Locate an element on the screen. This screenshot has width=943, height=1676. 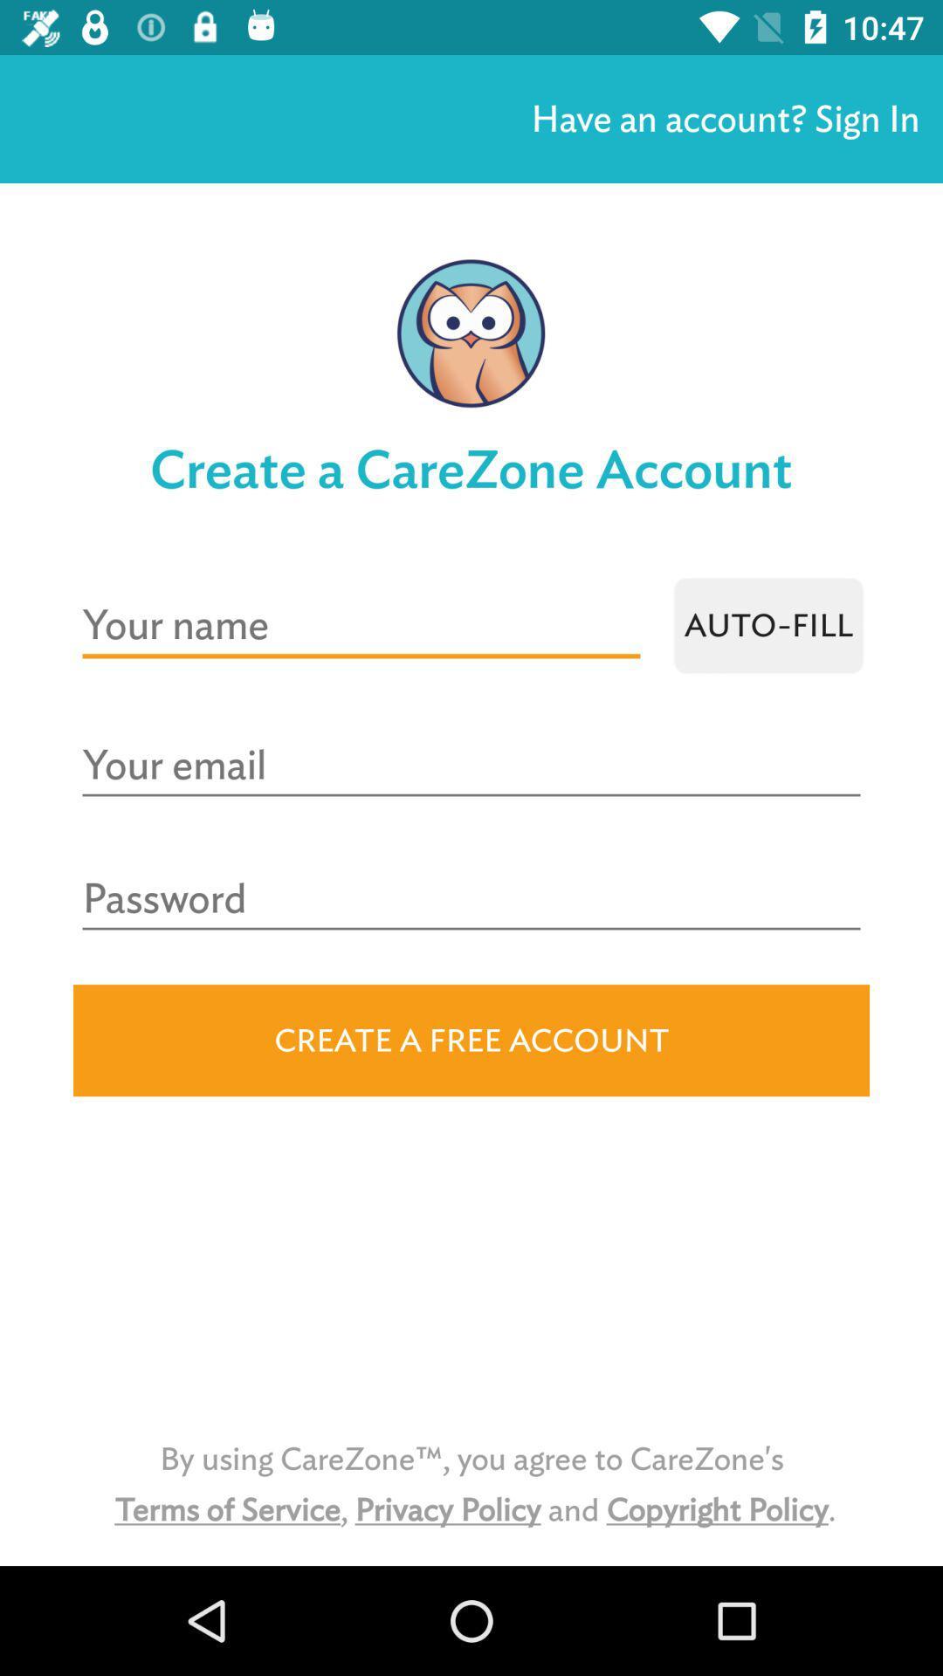
have an account item is located at coordinates (725, 118).